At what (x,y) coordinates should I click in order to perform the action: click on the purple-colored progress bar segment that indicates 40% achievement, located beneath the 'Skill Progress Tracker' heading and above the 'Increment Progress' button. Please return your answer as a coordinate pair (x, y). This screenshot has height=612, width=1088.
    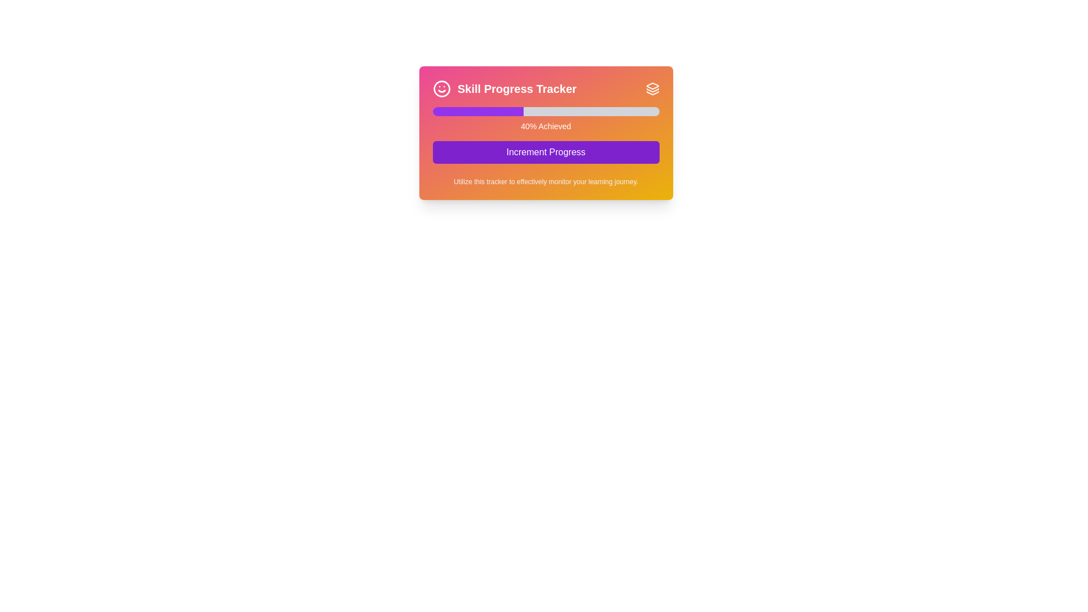
    Looking at the image, I should click on (478, 111).